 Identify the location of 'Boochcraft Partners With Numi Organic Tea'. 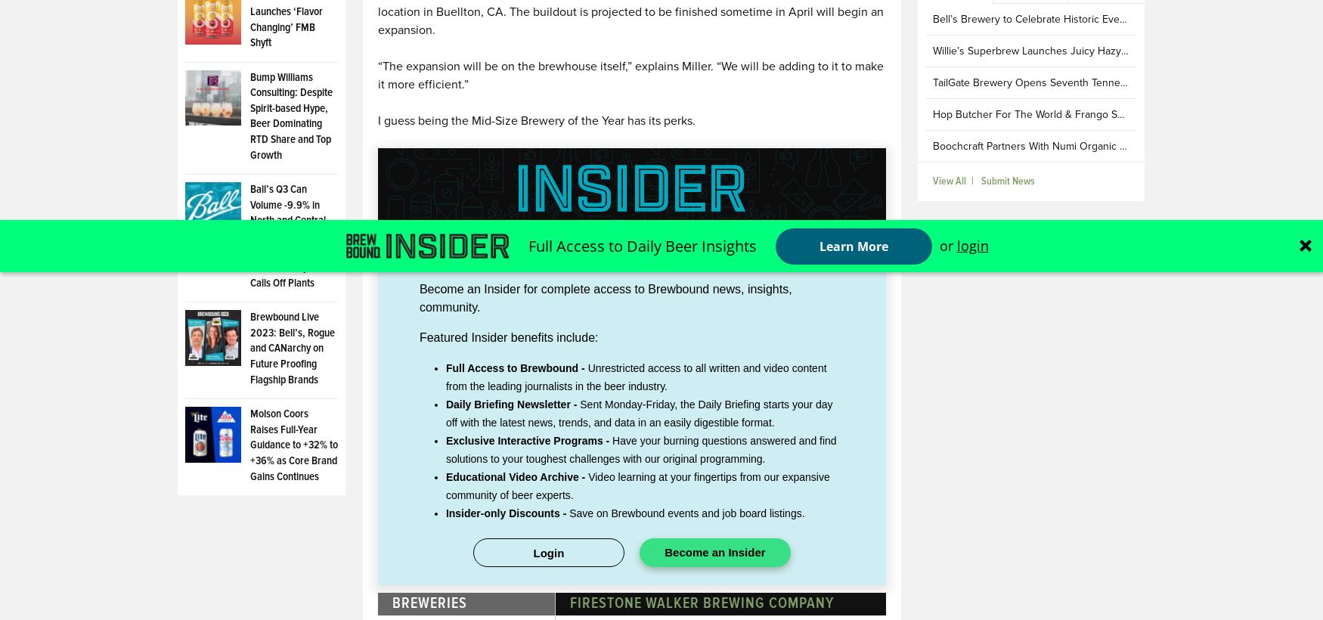
(1033, 145).